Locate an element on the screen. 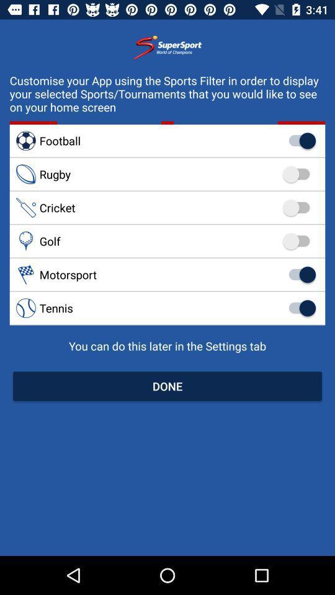 Image resolution: width=335 pixels, height=595 pixels. tennis is located at coordinates (167, 307).